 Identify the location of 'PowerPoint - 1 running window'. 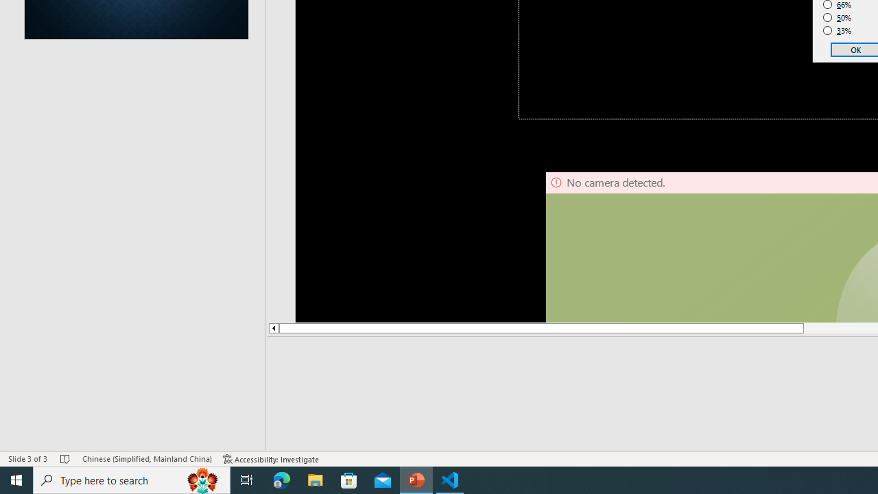
(416, 479).